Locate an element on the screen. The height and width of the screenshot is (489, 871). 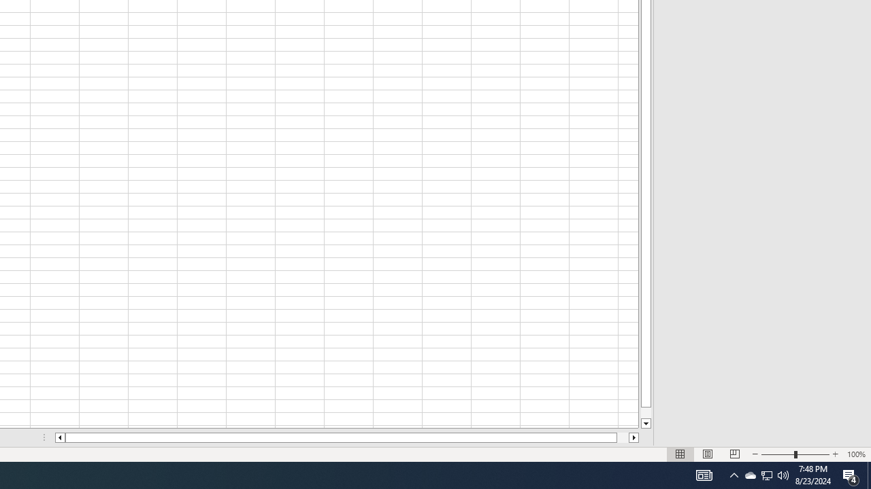
'Page Layout' is located at coordinates (708, 454).